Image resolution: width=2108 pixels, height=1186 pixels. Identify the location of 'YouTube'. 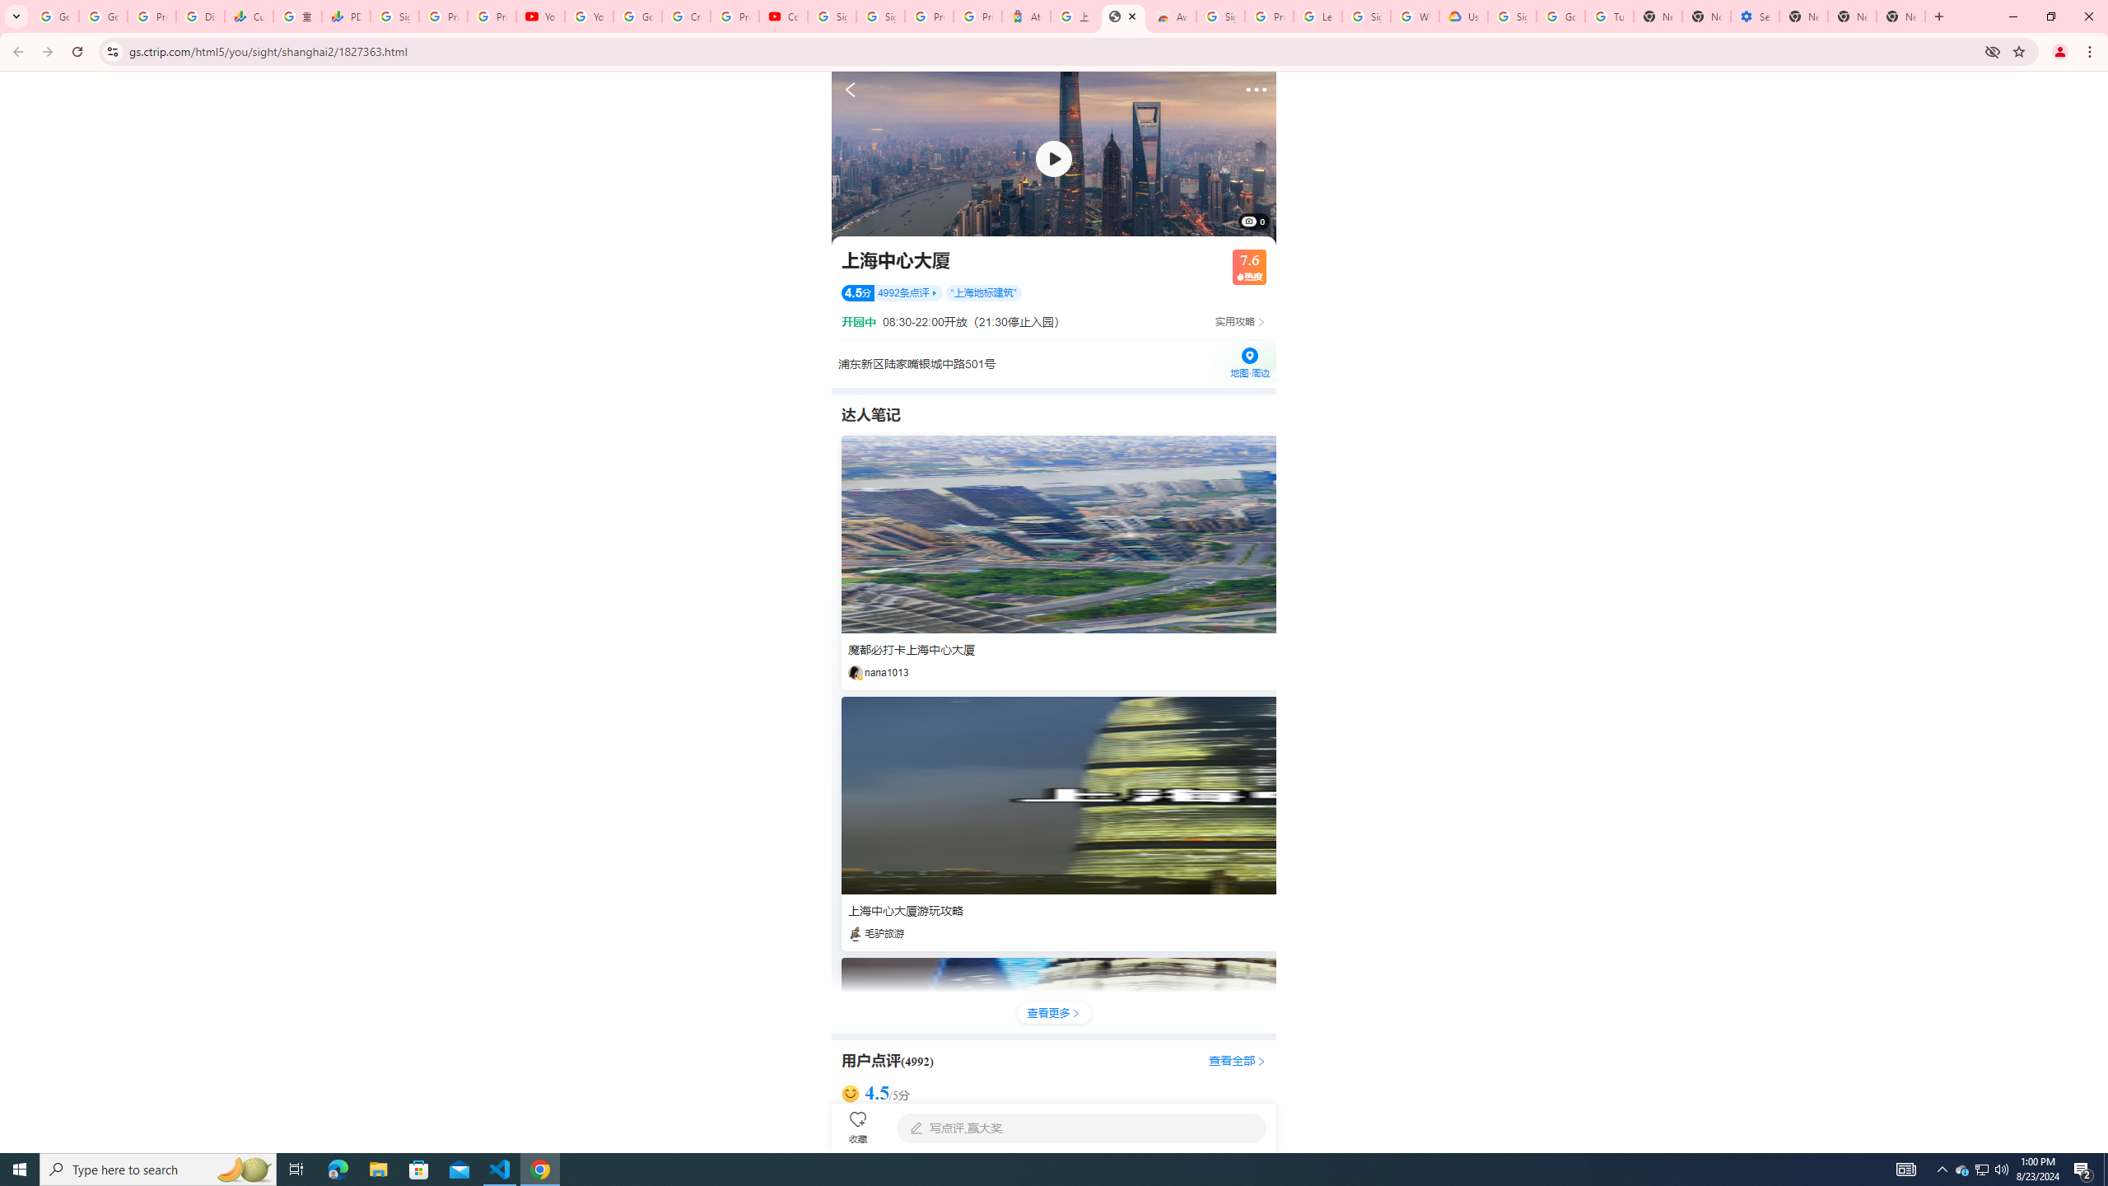
(588, 16).